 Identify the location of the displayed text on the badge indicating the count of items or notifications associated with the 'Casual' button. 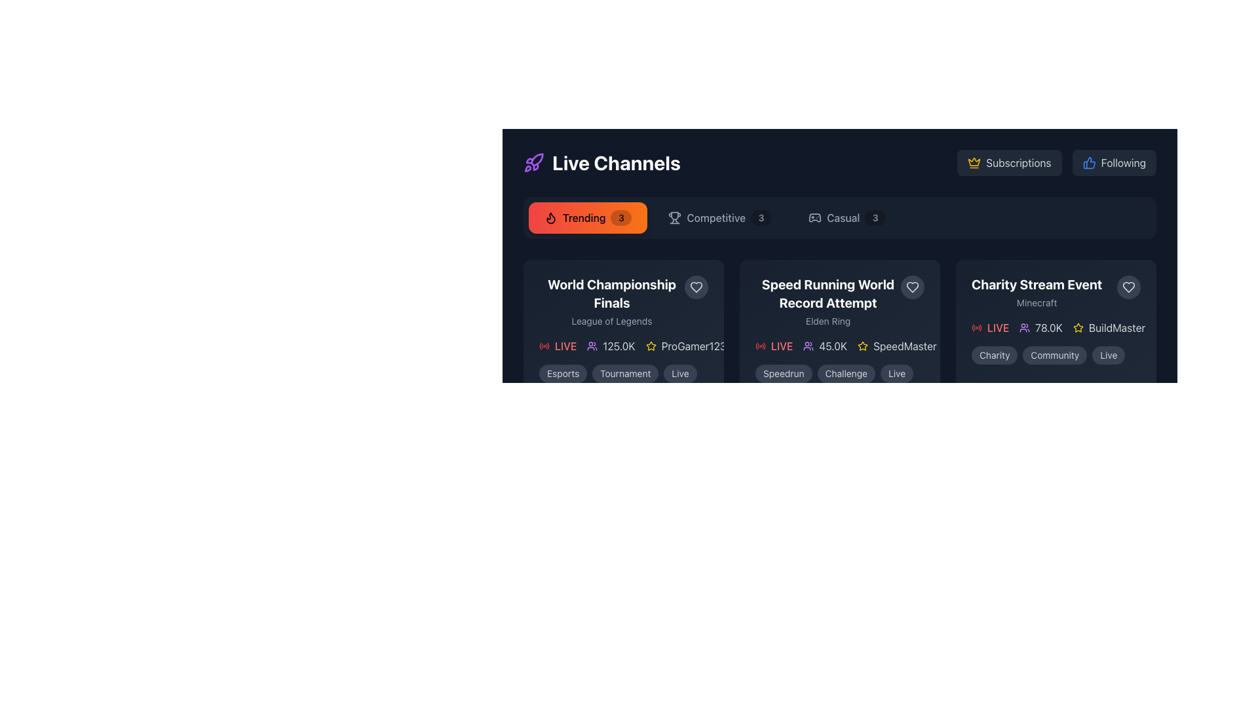
(875, 217).